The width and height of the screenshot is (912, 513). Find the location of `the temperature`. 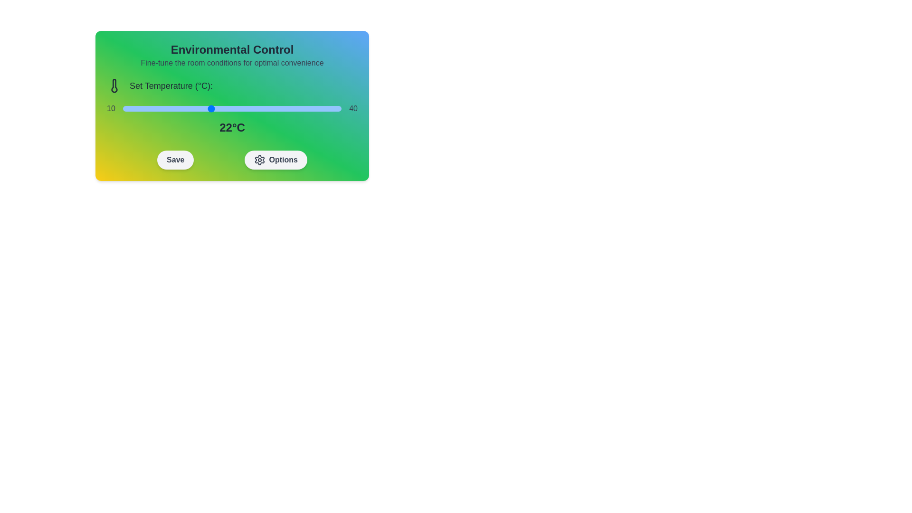

the temperature is located at coordinates (202, 108).